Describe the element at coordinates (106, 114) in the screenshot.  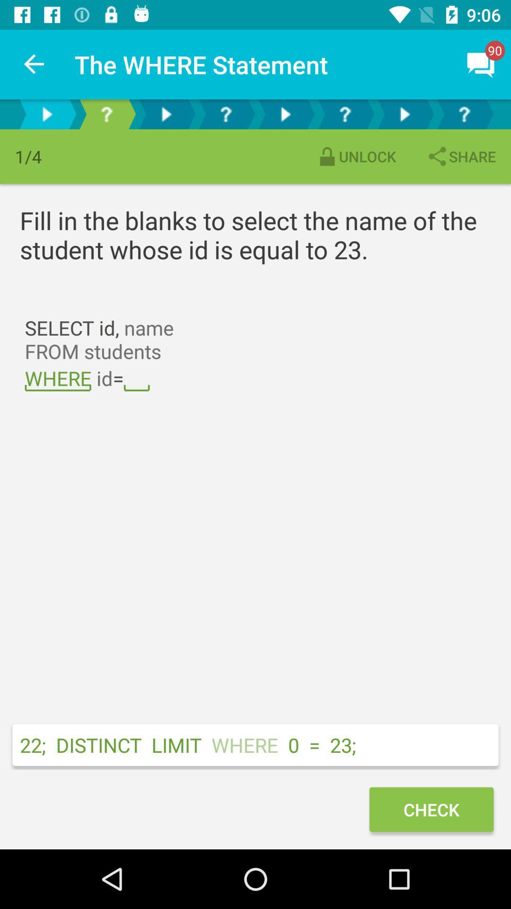
I see `frequently asked questions` at that location.